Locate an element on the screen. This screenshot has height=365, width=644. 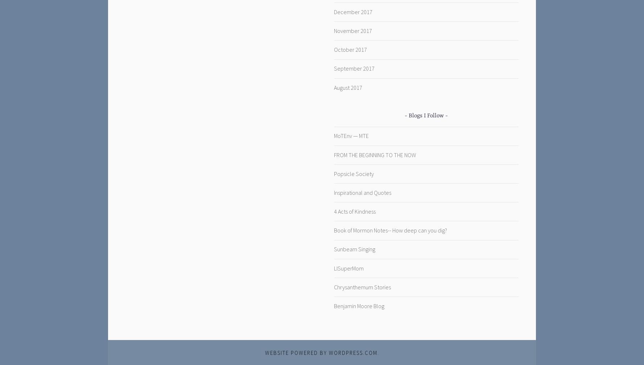
'MoTEnv — MTE' is located at coordinates (351, 135).